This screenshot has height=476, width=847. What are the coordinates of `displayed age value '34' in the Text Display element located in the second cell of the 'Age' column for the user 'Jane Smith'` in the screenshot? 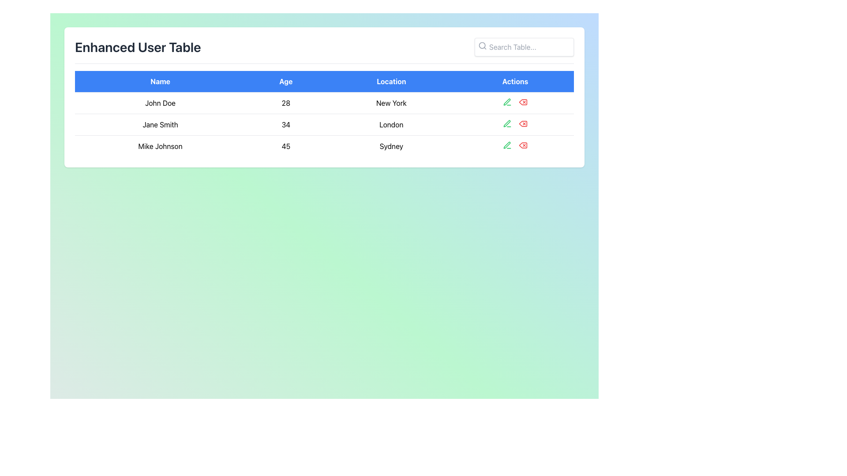 It's located at (286, 124).